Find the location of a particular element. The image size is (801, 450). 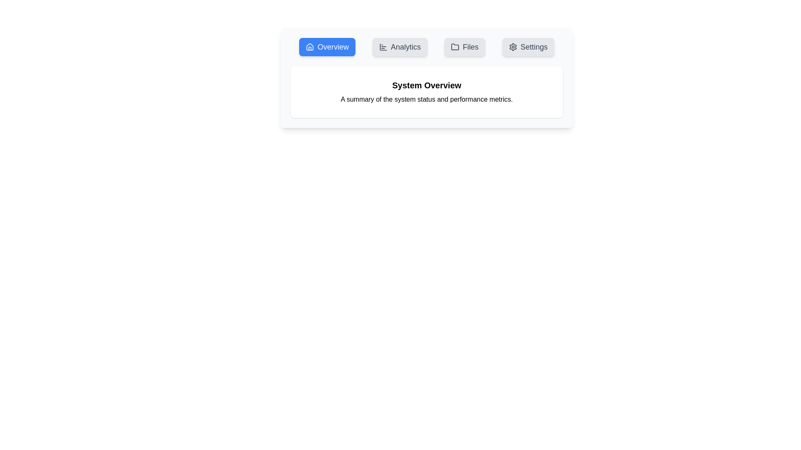

the 'Analytics' button in the navigation bar is located at coordinates (406, 47).